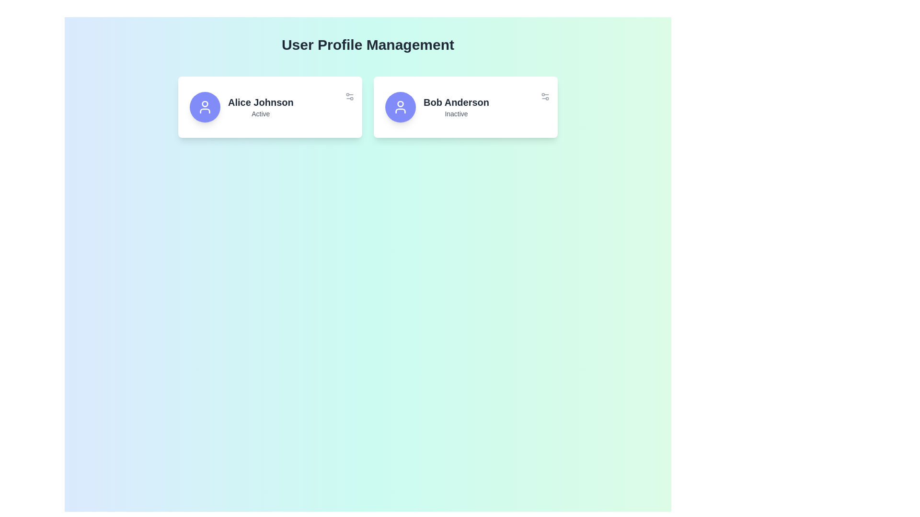 This screenshot has height=517, width=920. I want to click on the profile icon representing user 'Bob Anderson' which is positioned at the top-left corner of the 'Inactive' card, so click(400, 107).